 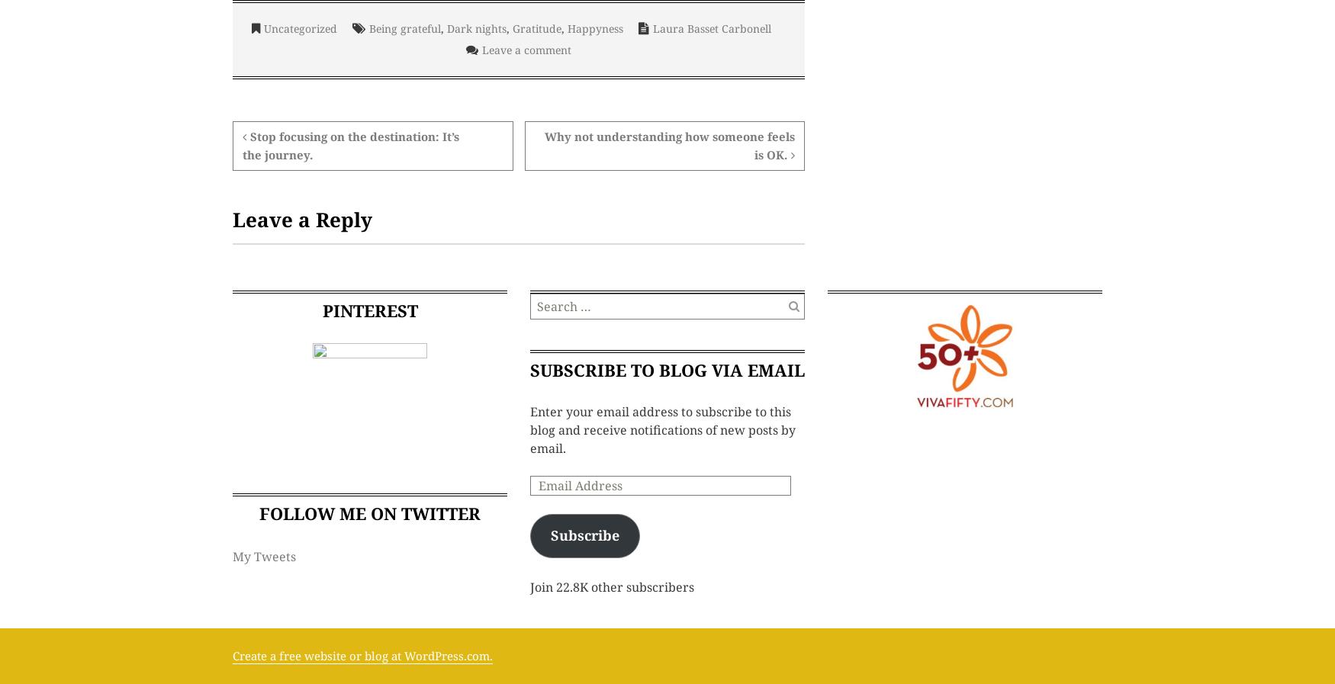 I want to click on 'Laura Basset Carbonell', so click(x=710, y=27).